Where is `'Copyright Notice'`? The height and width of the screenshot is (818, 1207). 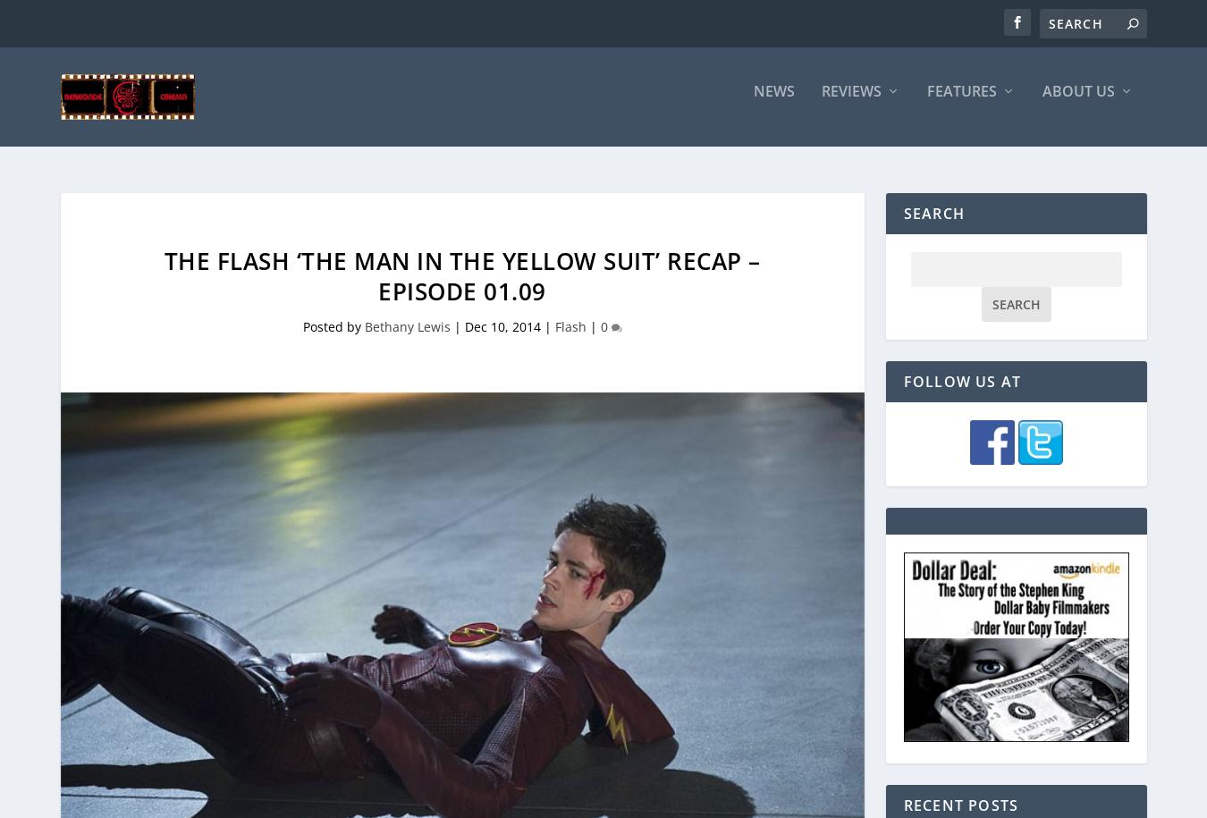 'Copyright Notice' is located at coordinates (1021, 206).